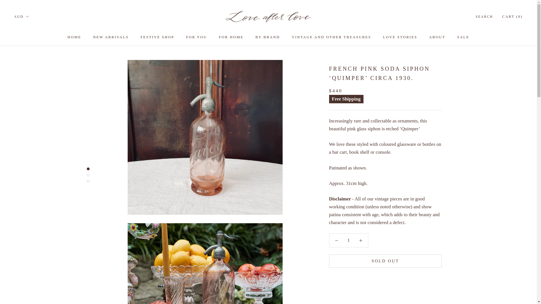 This screenshot has height=304, width=541. Describe the element at coordinates (437, 37) in the screenshot. I see `'ABOUT` at that location.